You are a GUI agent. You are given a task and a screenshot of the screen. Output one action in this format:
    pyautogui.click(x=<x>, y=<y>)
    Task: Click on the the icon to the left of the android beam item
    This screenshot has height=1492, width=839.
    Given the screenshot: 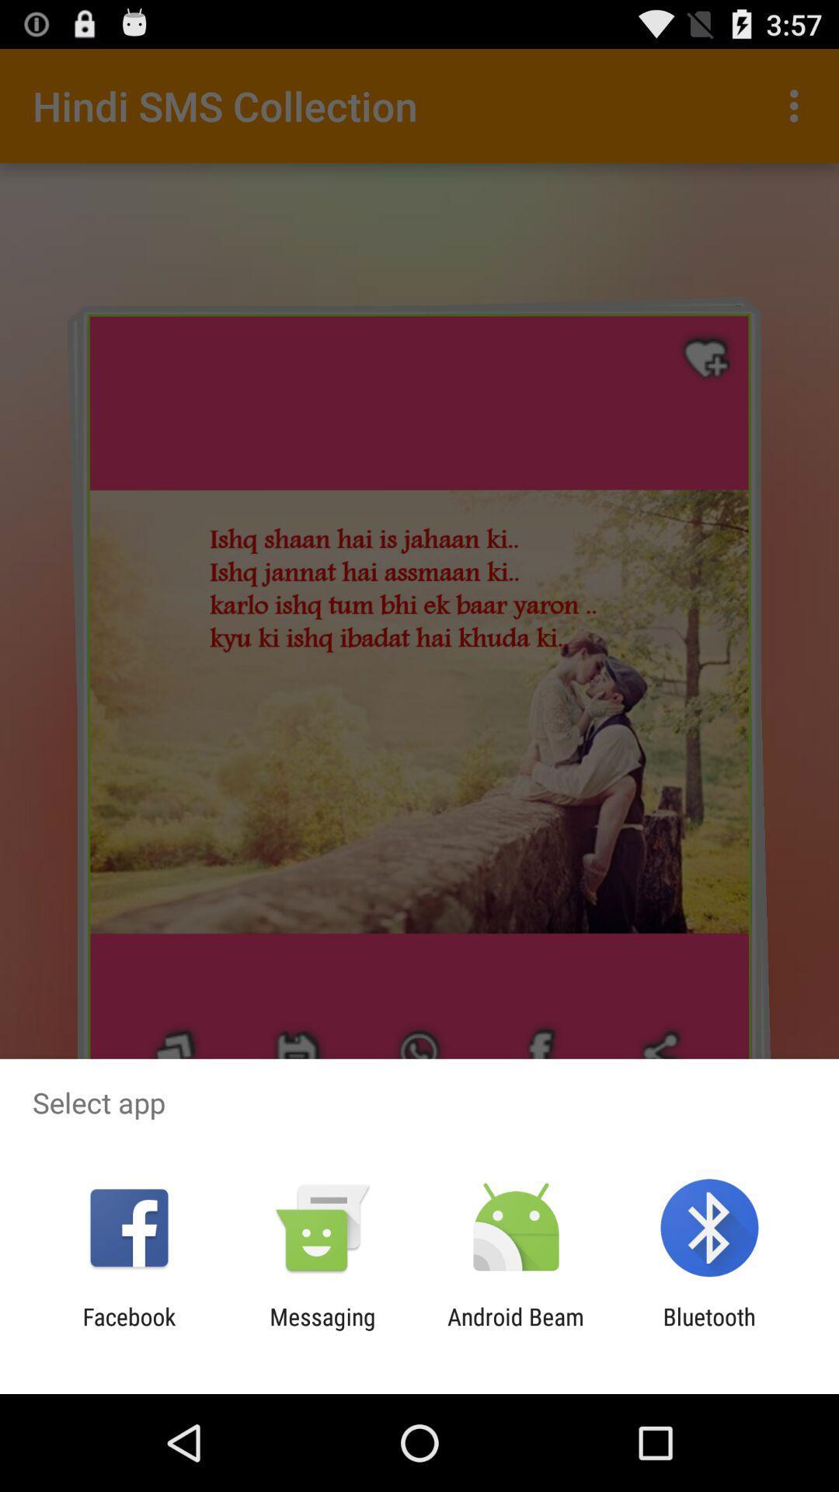 What is the action you would take?
    pyautogui.click(x=322, y=1330)
    